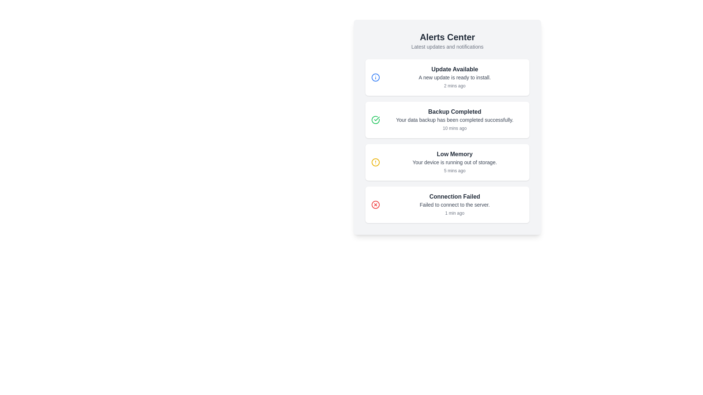 Image resolution: width=703 pixels, height=395 pixels. Describe the element at coordinates (454, 86) in the screenshot. I see `the text component displaying '2 mins ago' in a gray, light font, located in the lower part of the notification card detailing a new update` at that location.